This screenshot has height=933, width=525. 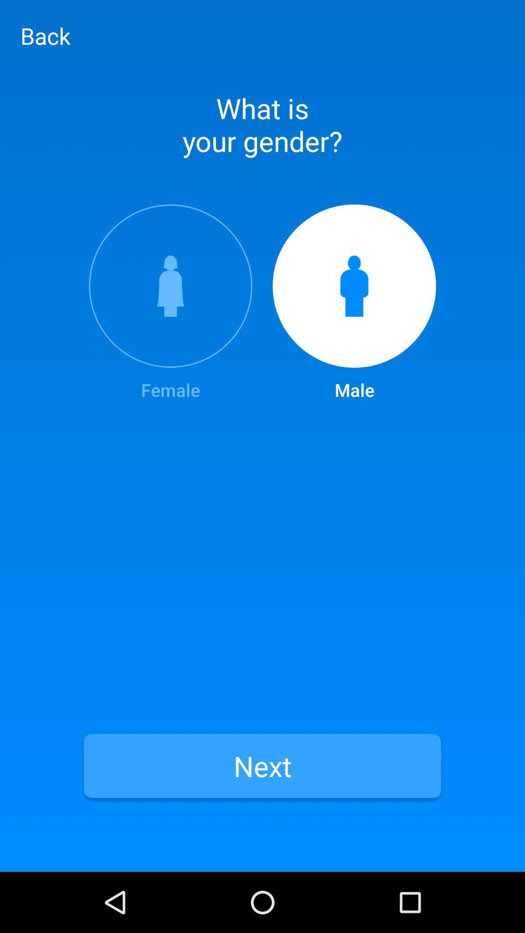 I want to click on the item at the top right corner, so click(x=354, y=303).